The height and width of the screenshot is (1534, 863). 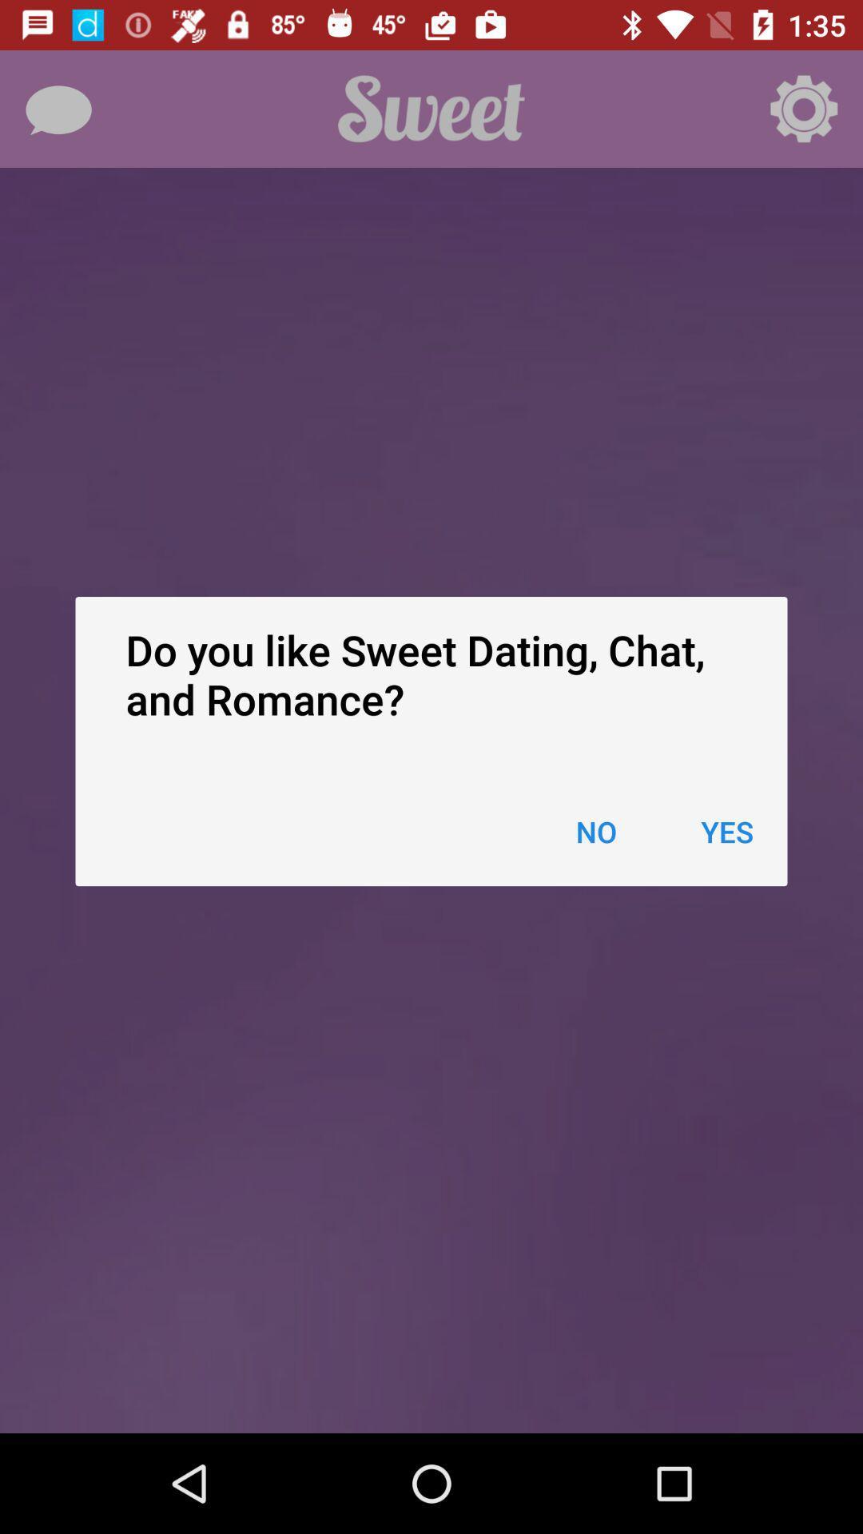 I want to click on item to the left of yes item, so click(x=596, y=831).